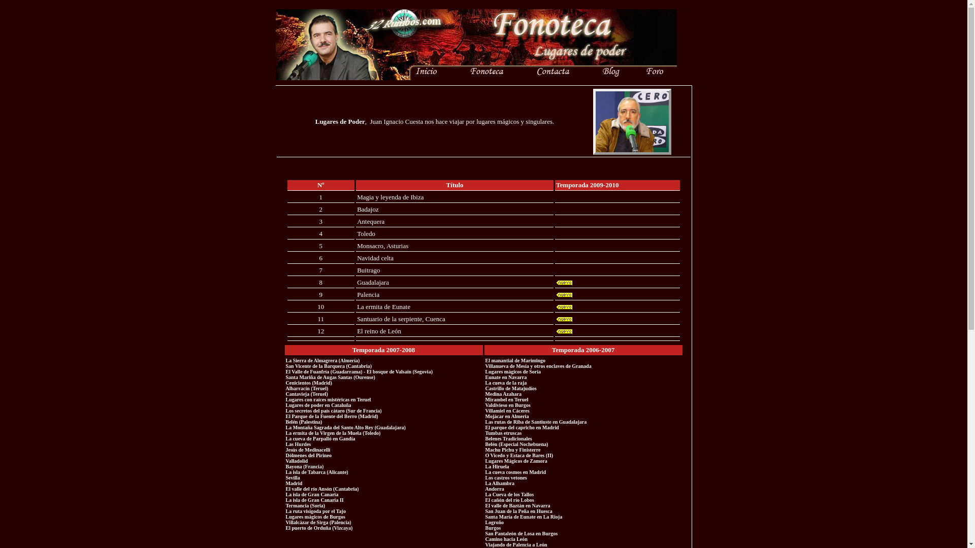 This screenshot has width=975, height=548. I want to click on 'Mirambel en Teruel', so click(507, 399).